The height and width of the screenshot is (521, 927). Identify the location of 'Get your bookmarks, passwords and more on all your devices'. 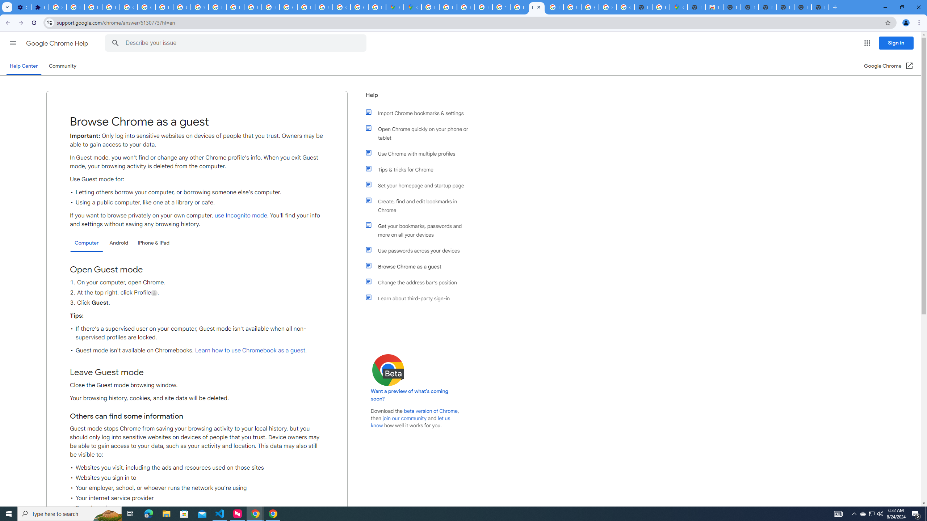
(421, 230).